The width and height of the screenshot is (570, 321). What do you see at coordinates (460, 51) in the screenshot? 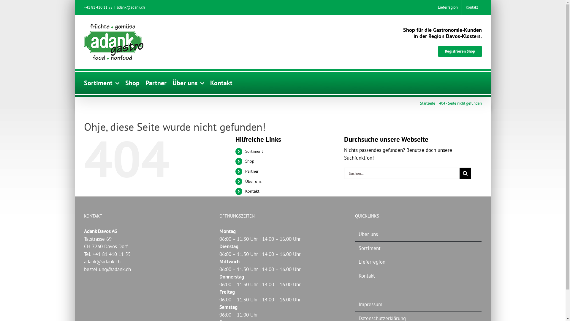
I see `'Registrieren Shop'` at bounding box center [460, 51].